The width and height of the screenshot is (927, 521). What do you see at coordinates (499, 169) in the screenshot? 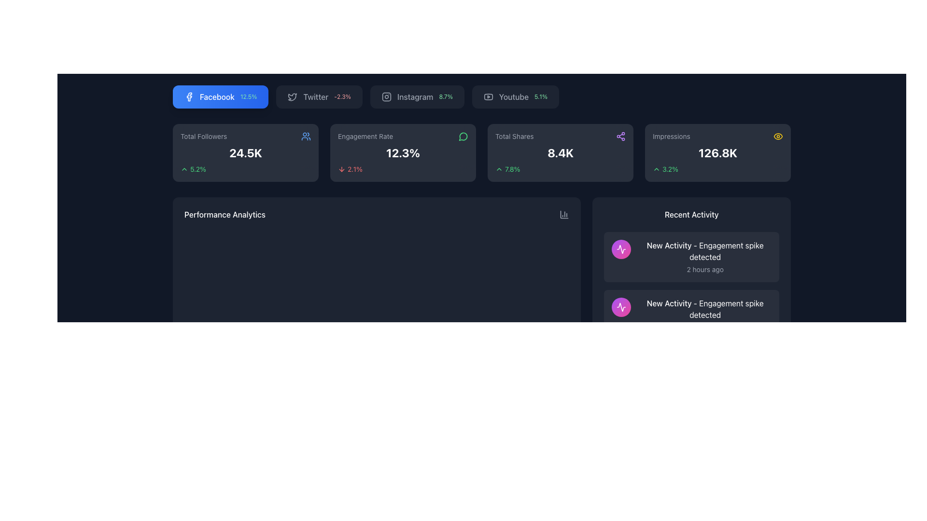
I see `the Upward Chevron icon that indicates growth in the adjacent metric, positioned before the percentage value (7.8%) in green` at bounding box center [499, 169].